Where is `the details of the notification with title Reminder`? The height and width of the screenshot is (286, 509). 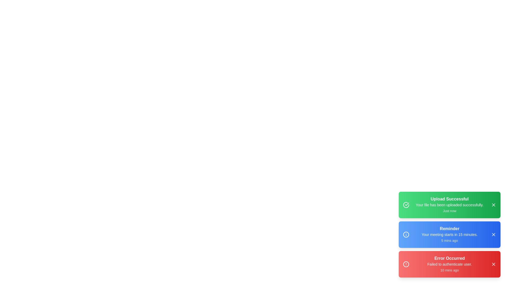 the details of the notification with title Reminder is located at coordinates (449, 234).